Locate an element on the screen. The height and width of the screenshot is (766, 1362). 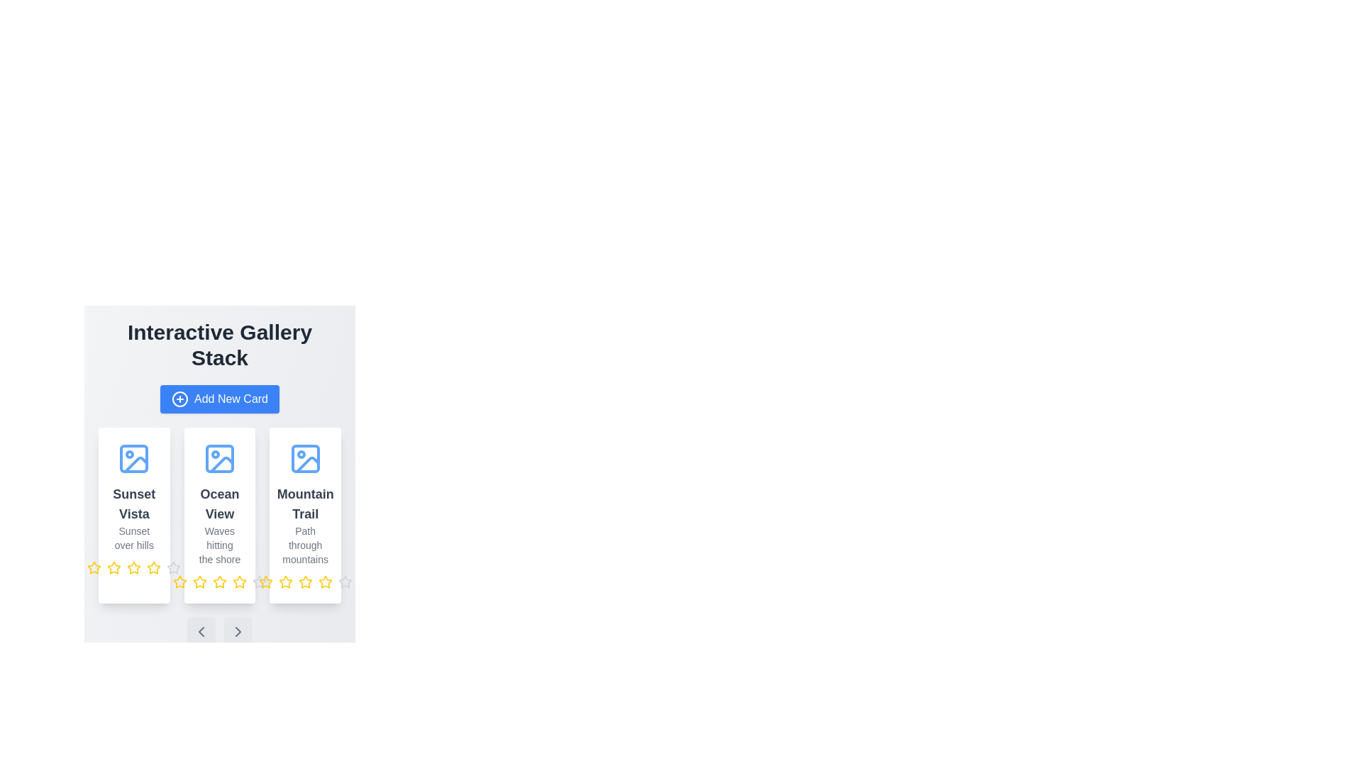
the second star in the star rating icon sequence under the 'Sunset Vista' card to rate it is located at coordinates (114, 567).